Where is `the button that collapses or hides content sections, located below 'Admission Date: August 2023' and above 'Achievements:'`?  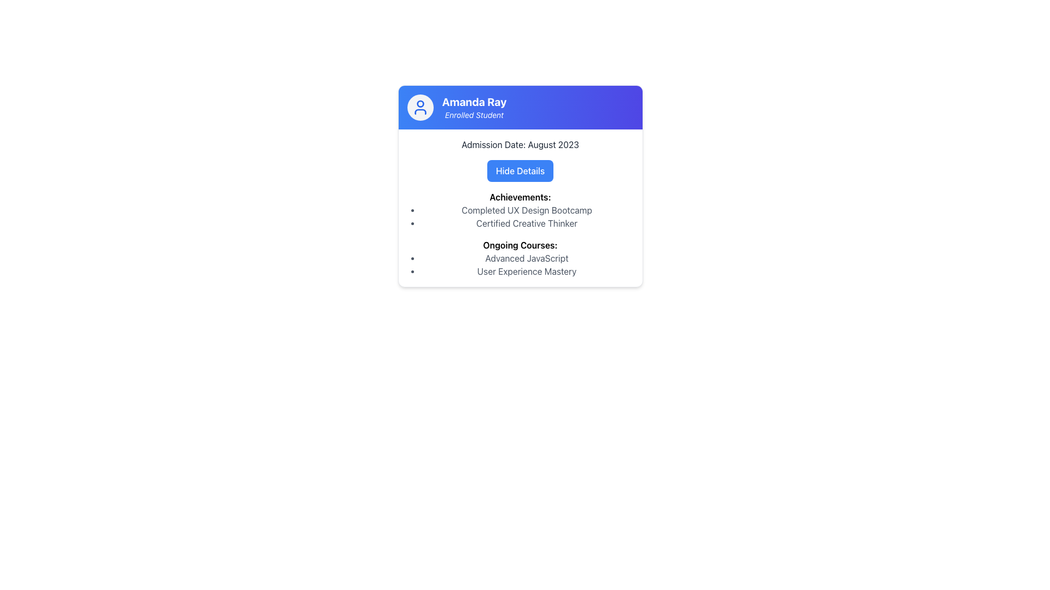 the button that collapses or hides content sections, located below 'Admission Date: August 2023' and above 'Achievements:' is located at coordinates (520, 170).